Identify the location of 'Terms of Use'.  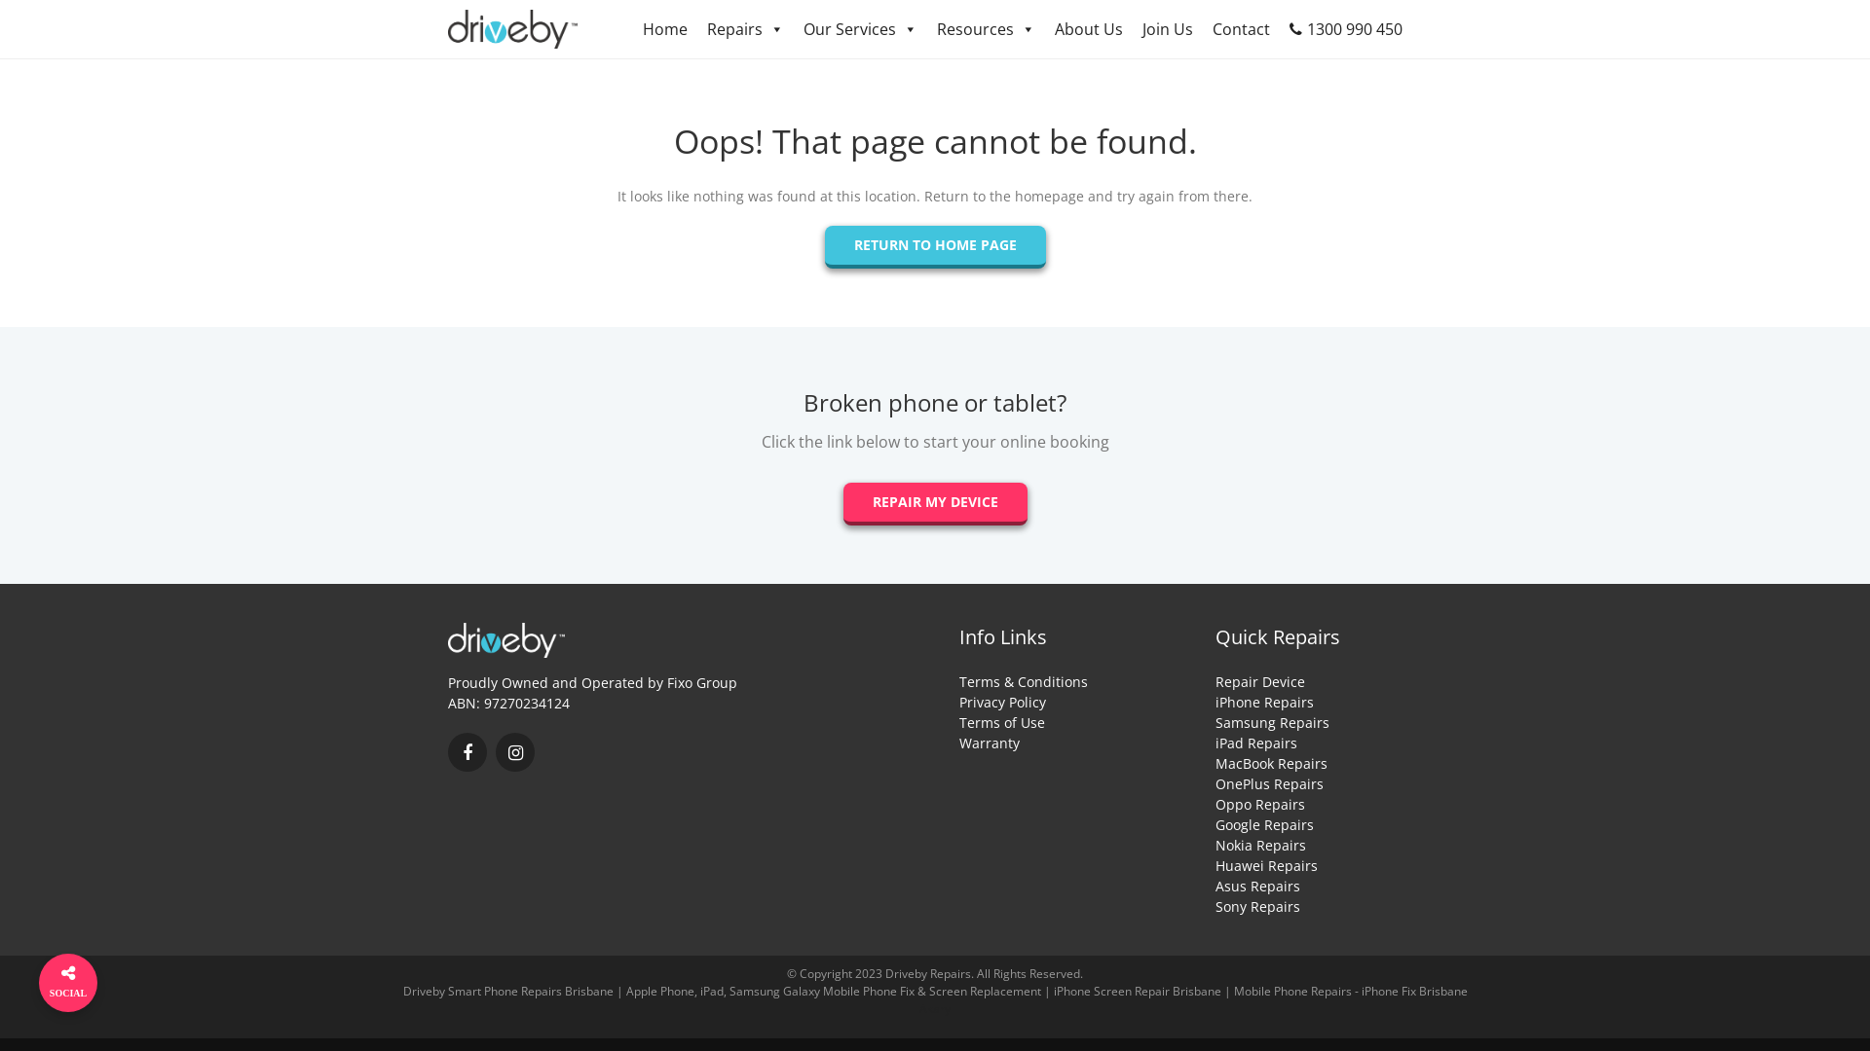
(1001, 722).